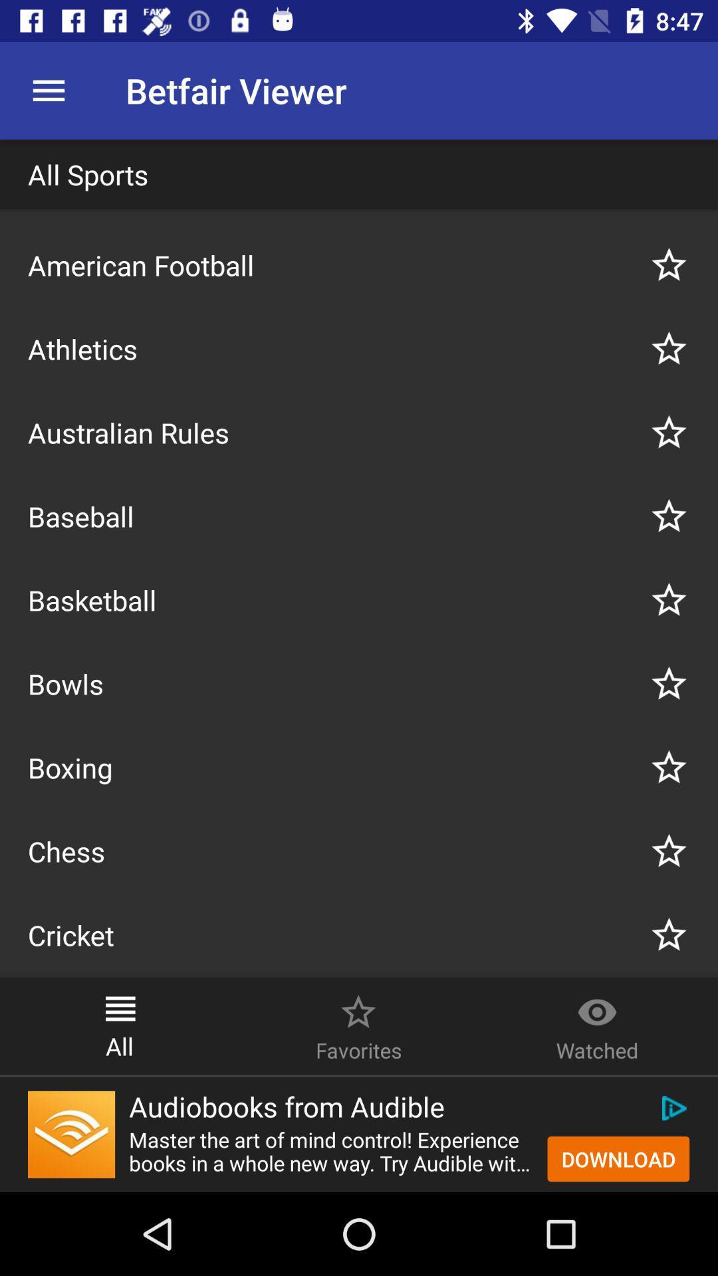 This screenshot has width=718, height=1276. What do you see at coordinates (596, 1005) in the screenshot?
I see `icon above watched` at bounding box center [596, 1005].